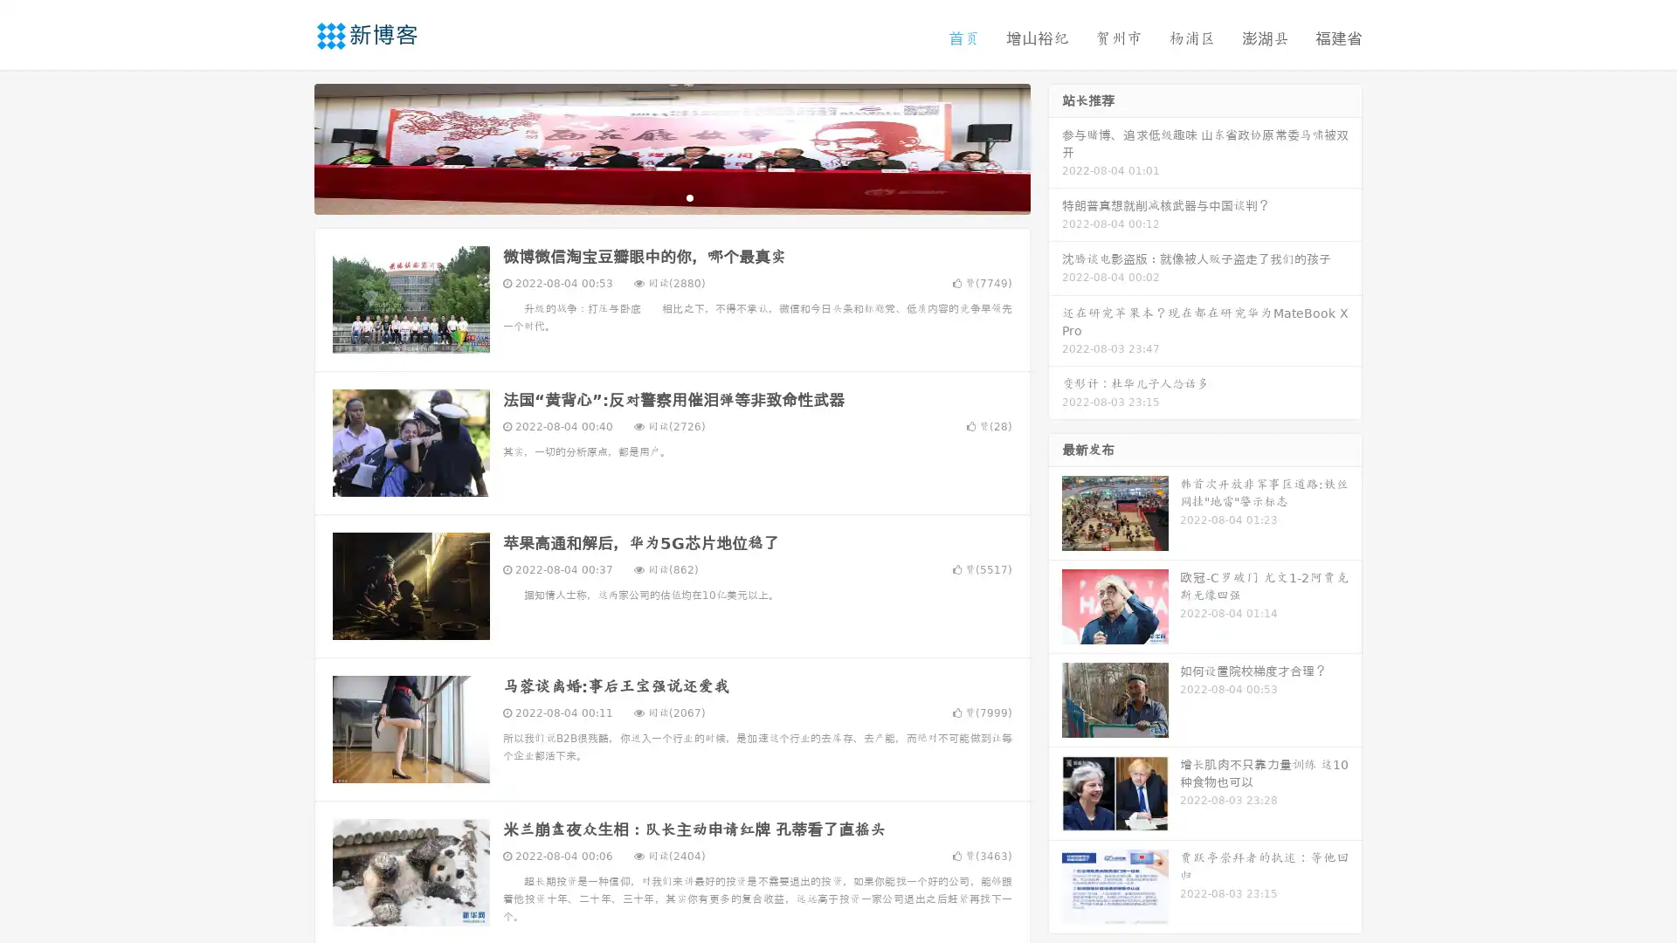 The width and height of the screenshot is (1677, 943). I want to click on Go to slide 2, so click(671, 196).